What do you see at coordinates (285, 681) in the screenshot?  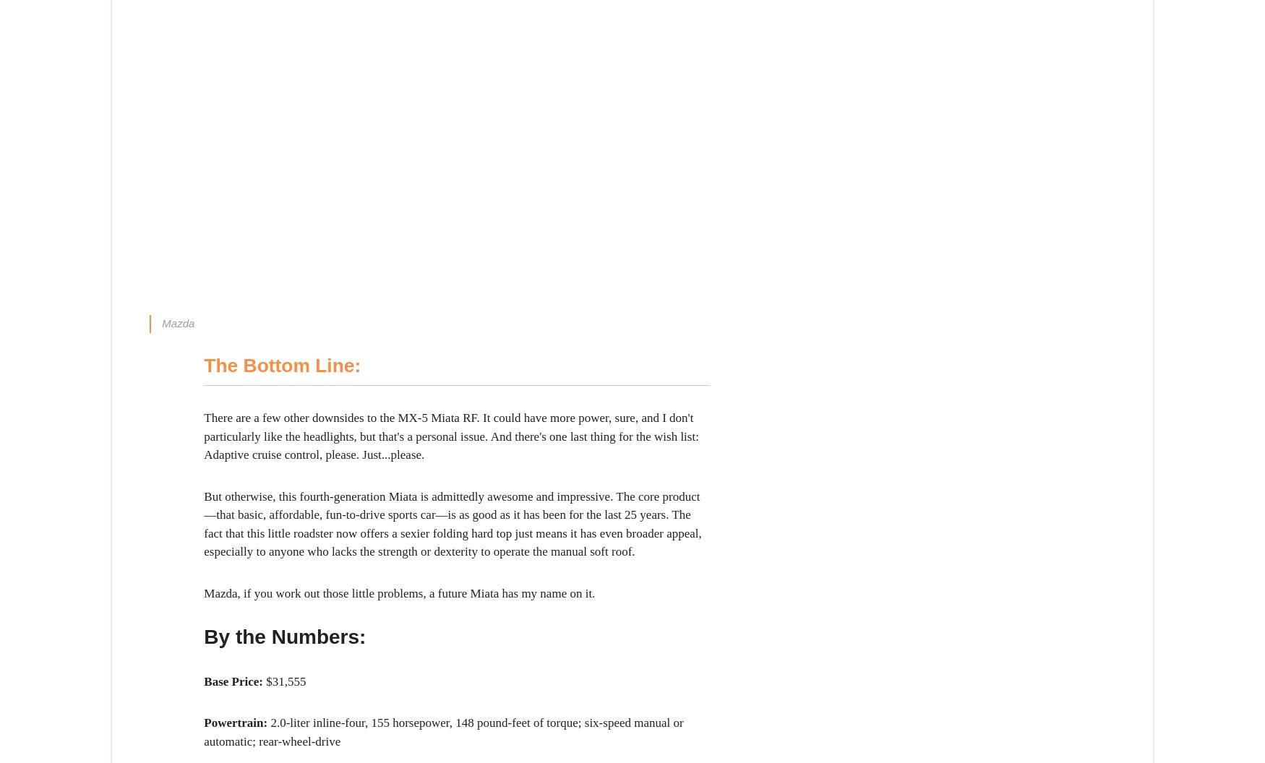 I see `'$31,555'` at bounding box center [285, 681].